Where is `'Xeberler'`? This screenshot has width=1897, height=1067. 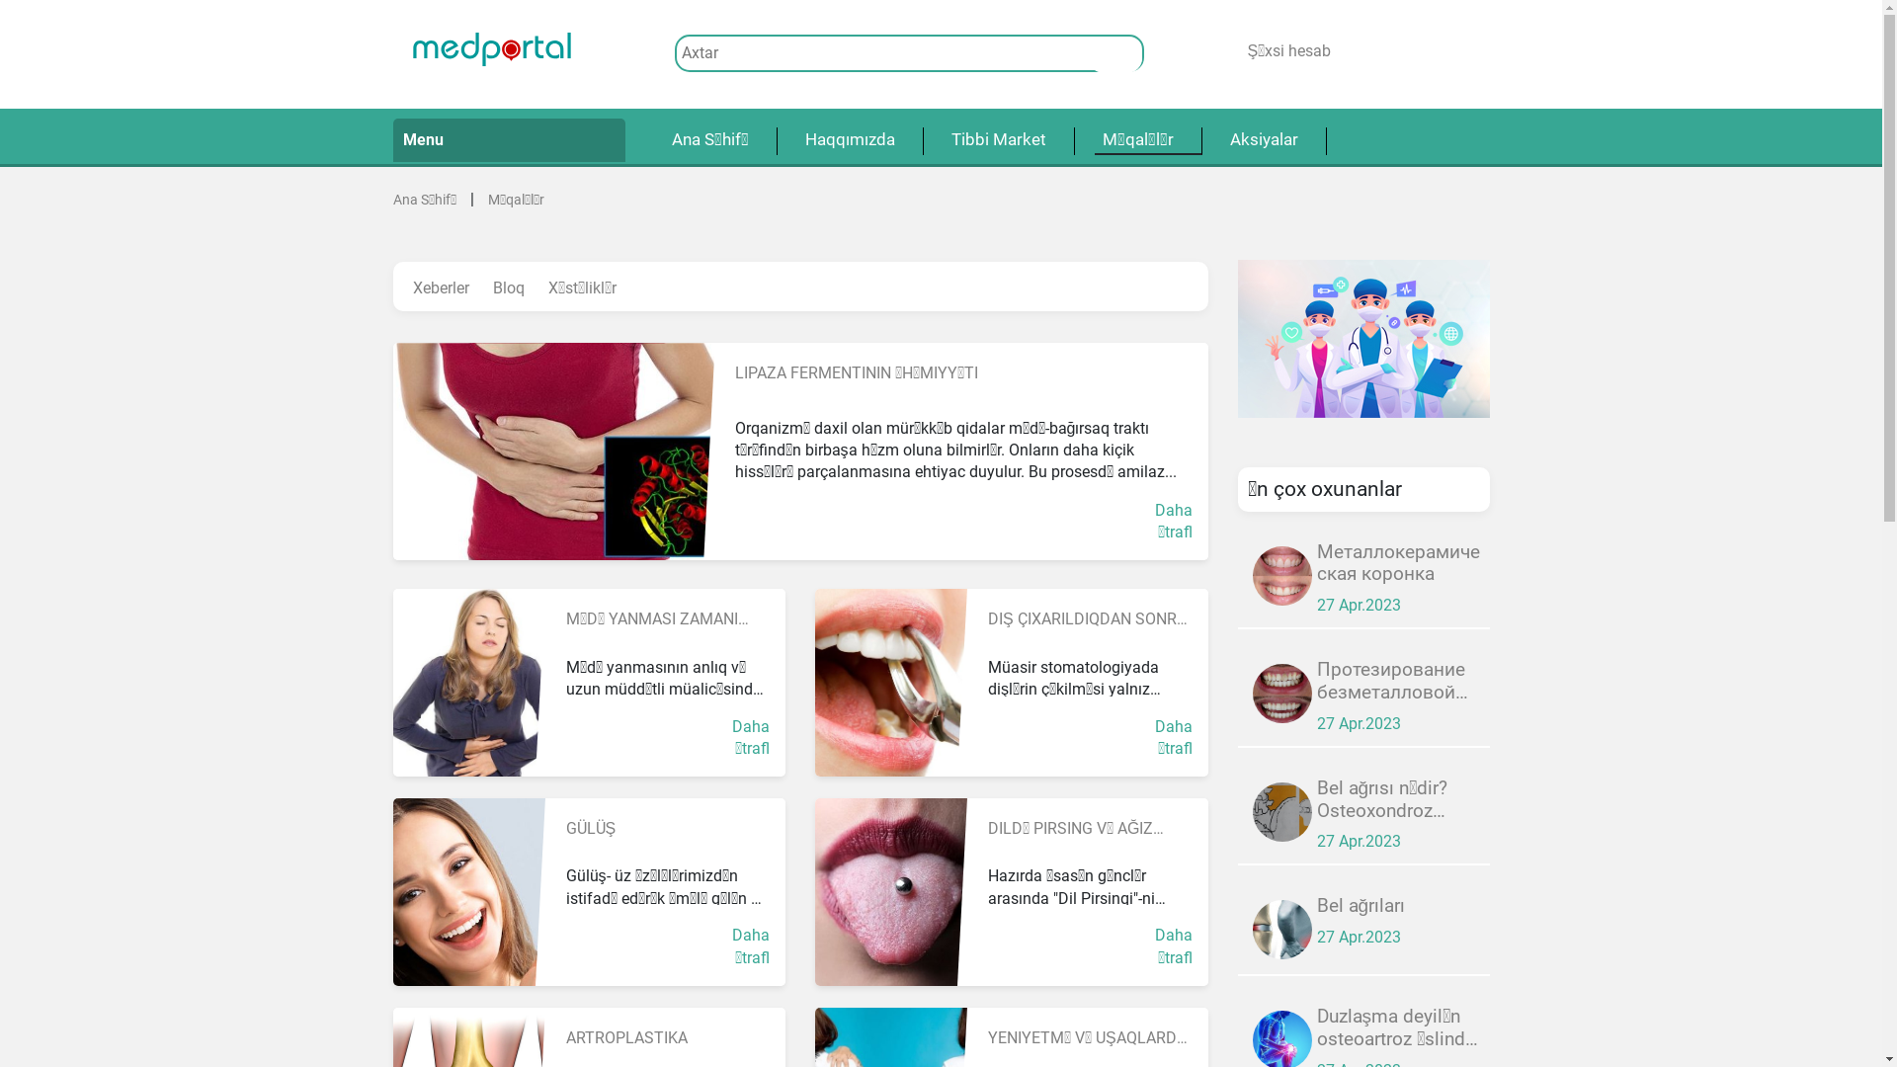
'Xeberler' is located at coordinates (402, 288).